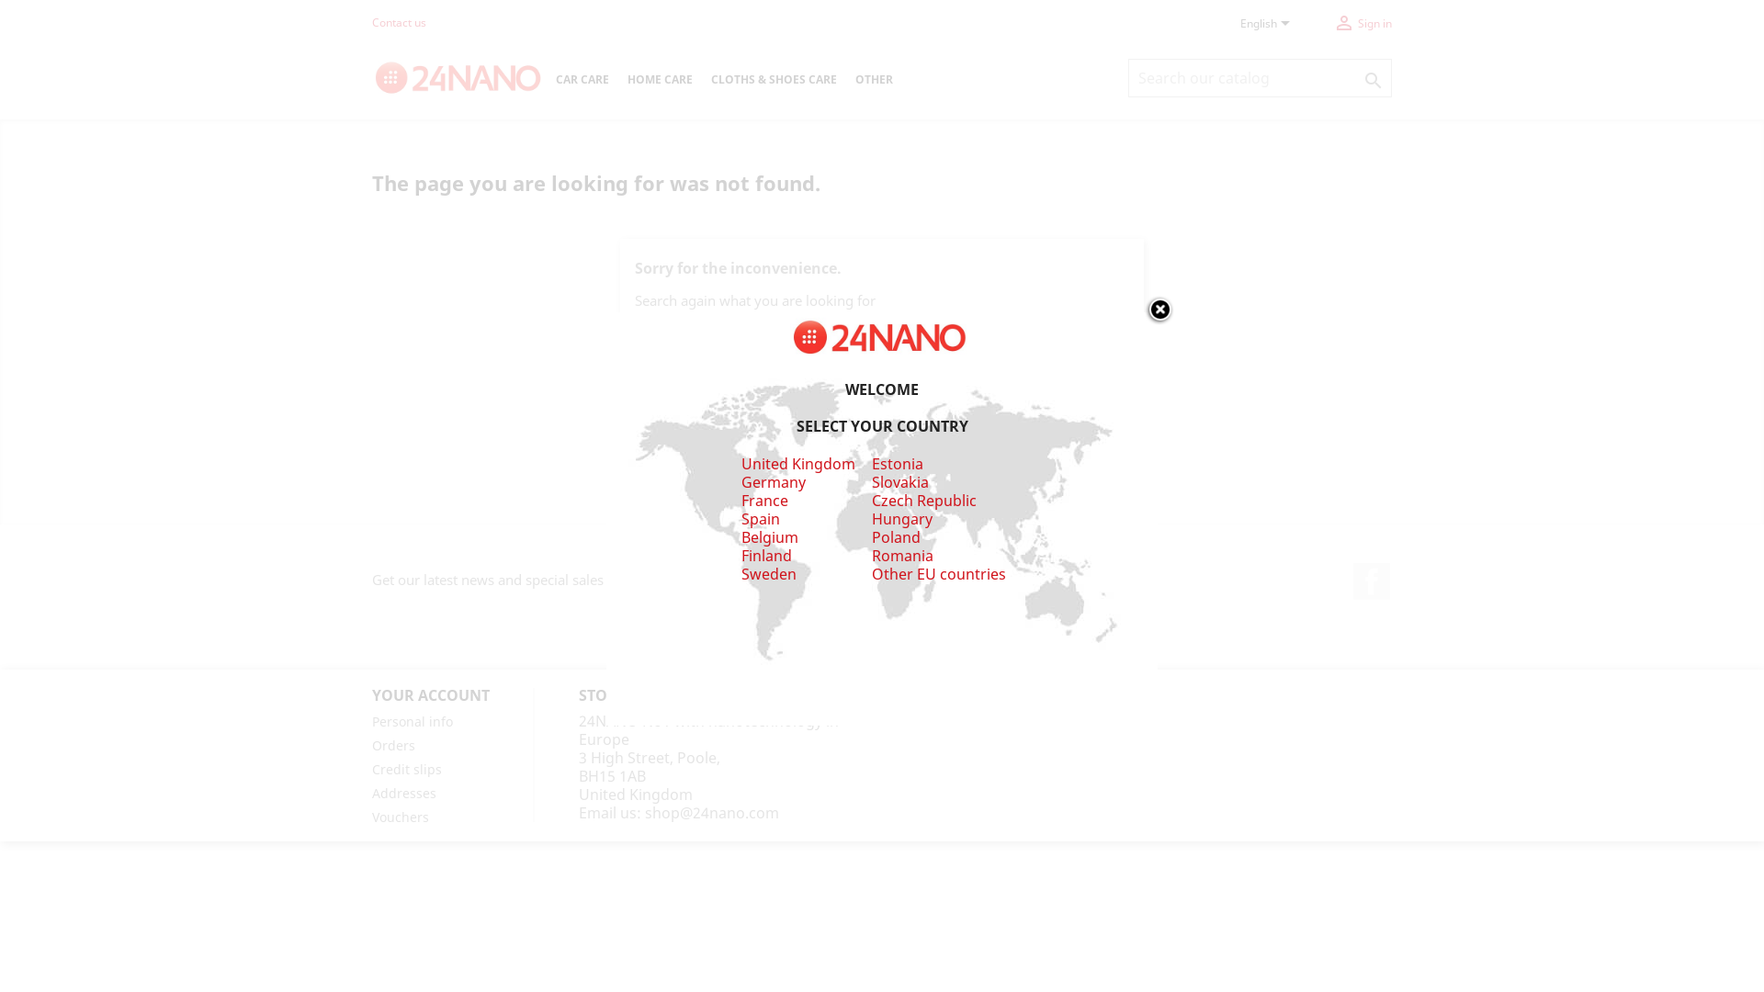 The height and width of the screenshot is (992, 1764). Describe the element at coordinates (939, 572) in the screenshot. I see `'Other EU countries'` at that location.